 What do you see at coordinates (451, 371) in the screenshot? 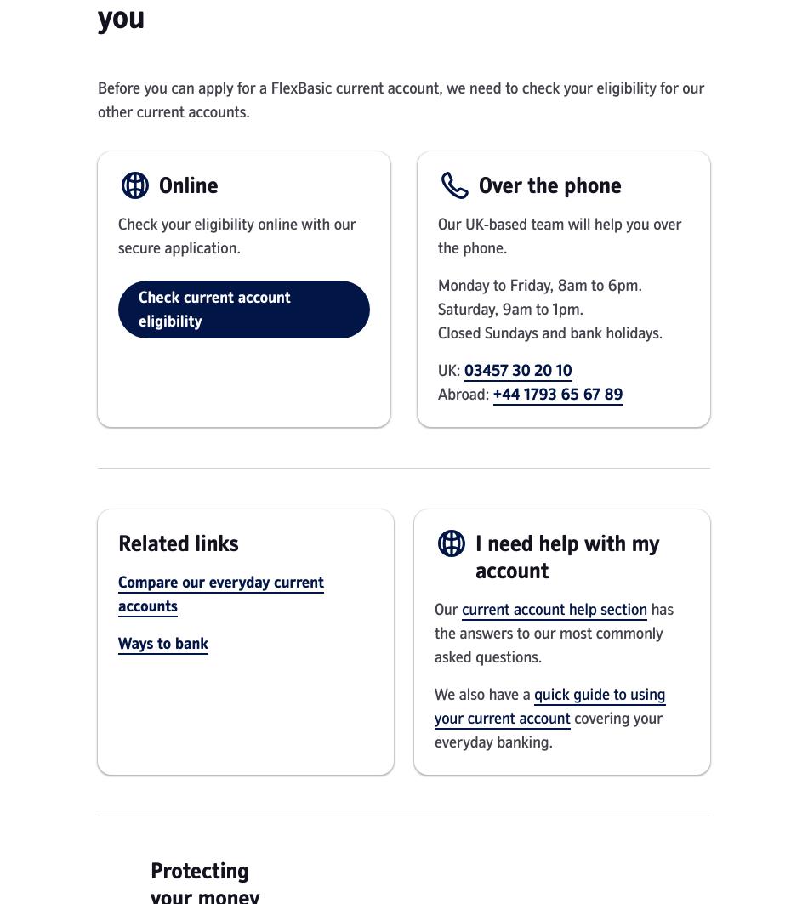
I see `'UK:'` at bounding box center [451, 371].